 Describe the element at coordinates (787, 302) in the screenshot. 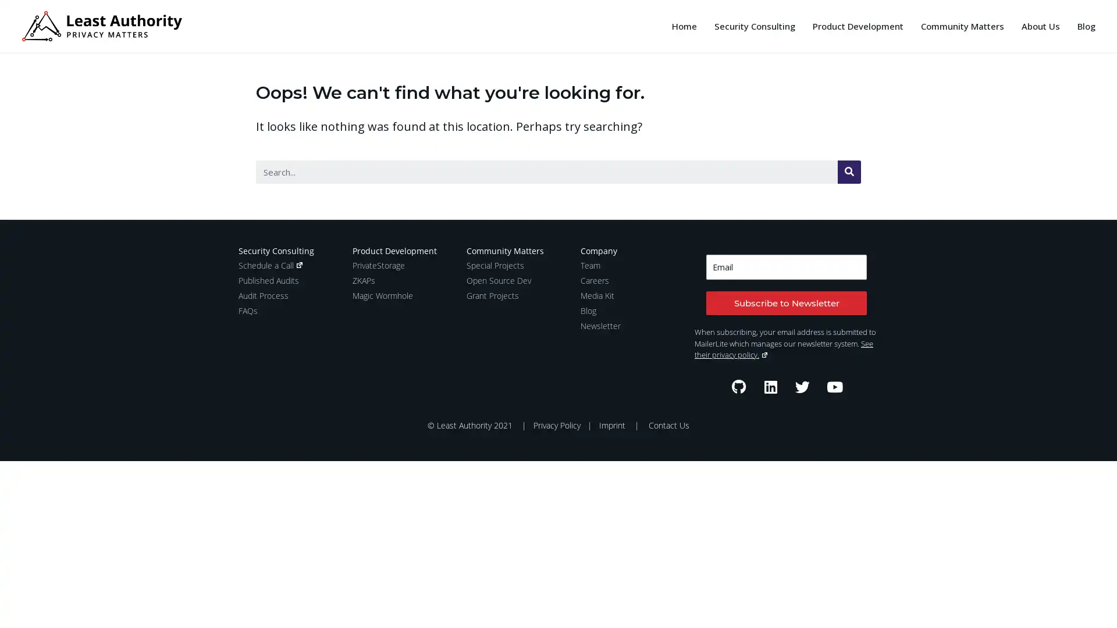

I see `Subscribe to Newsletter` at that location.